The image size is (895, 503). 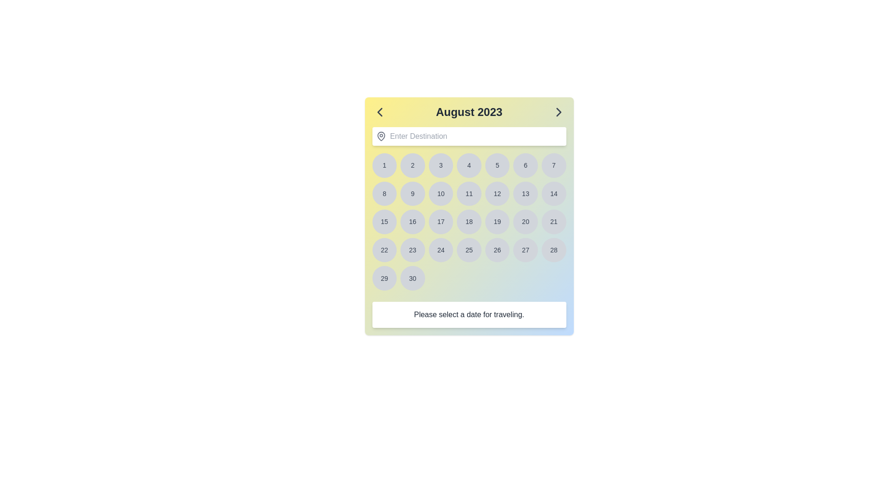 I want to click on the selection button representing the '7th' day in the calendar grid located in the first row, seventh column, so click(x=554, y=165).